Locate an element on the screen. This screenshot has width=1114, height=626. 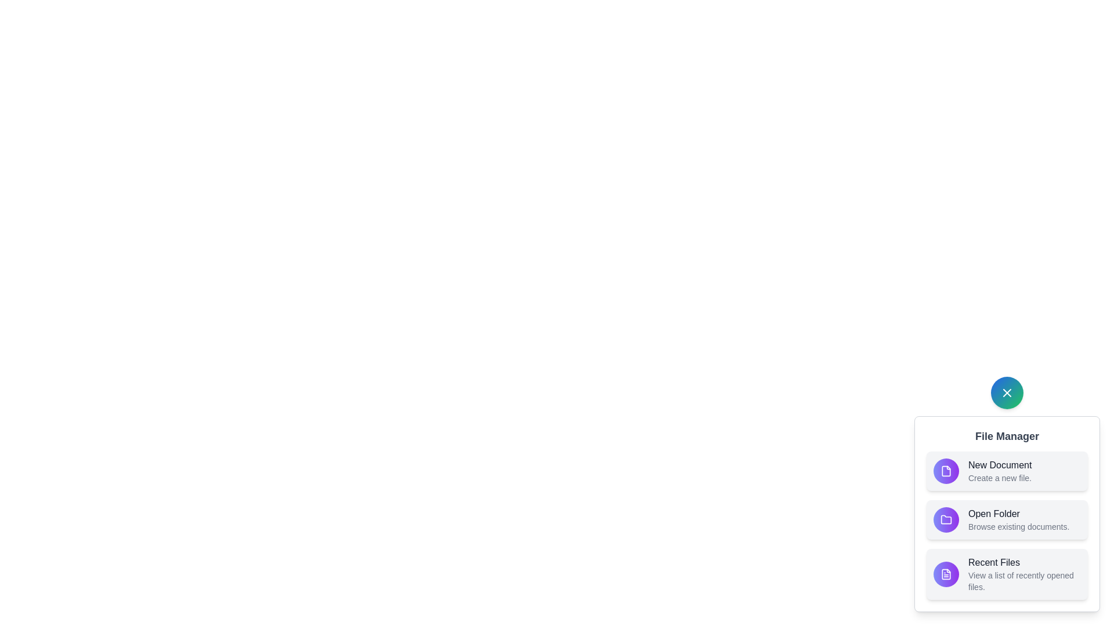
the 'Open Folder' option in the speed dial menu is located at coordinates (1007, 519).